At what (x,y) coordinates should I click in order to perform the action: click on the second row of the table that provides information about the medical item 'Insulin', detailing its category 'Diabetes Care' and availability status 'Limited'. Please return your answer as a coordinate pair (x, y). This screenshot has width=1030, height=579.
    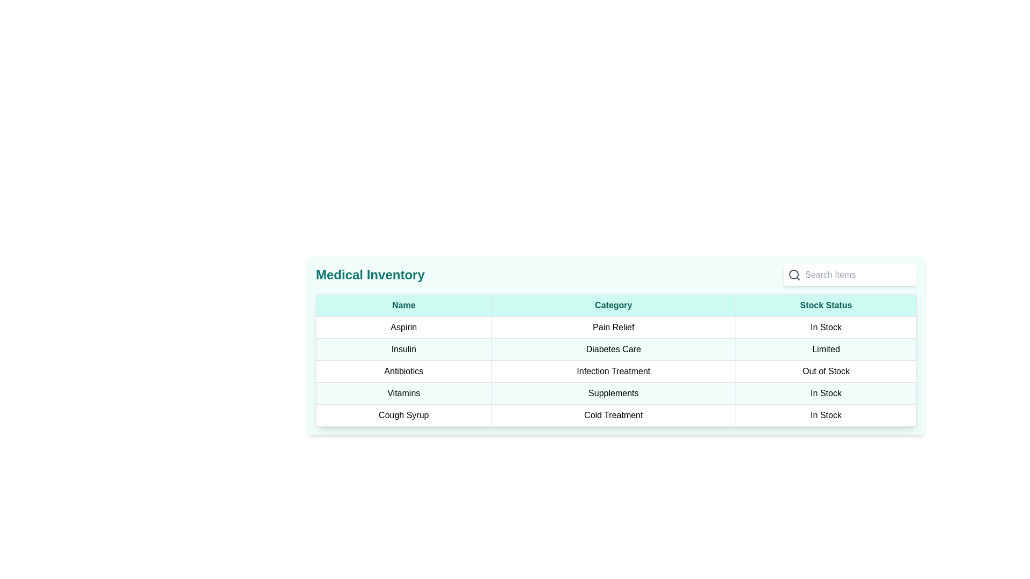
    Looking at the image, I should click on (616, 349).